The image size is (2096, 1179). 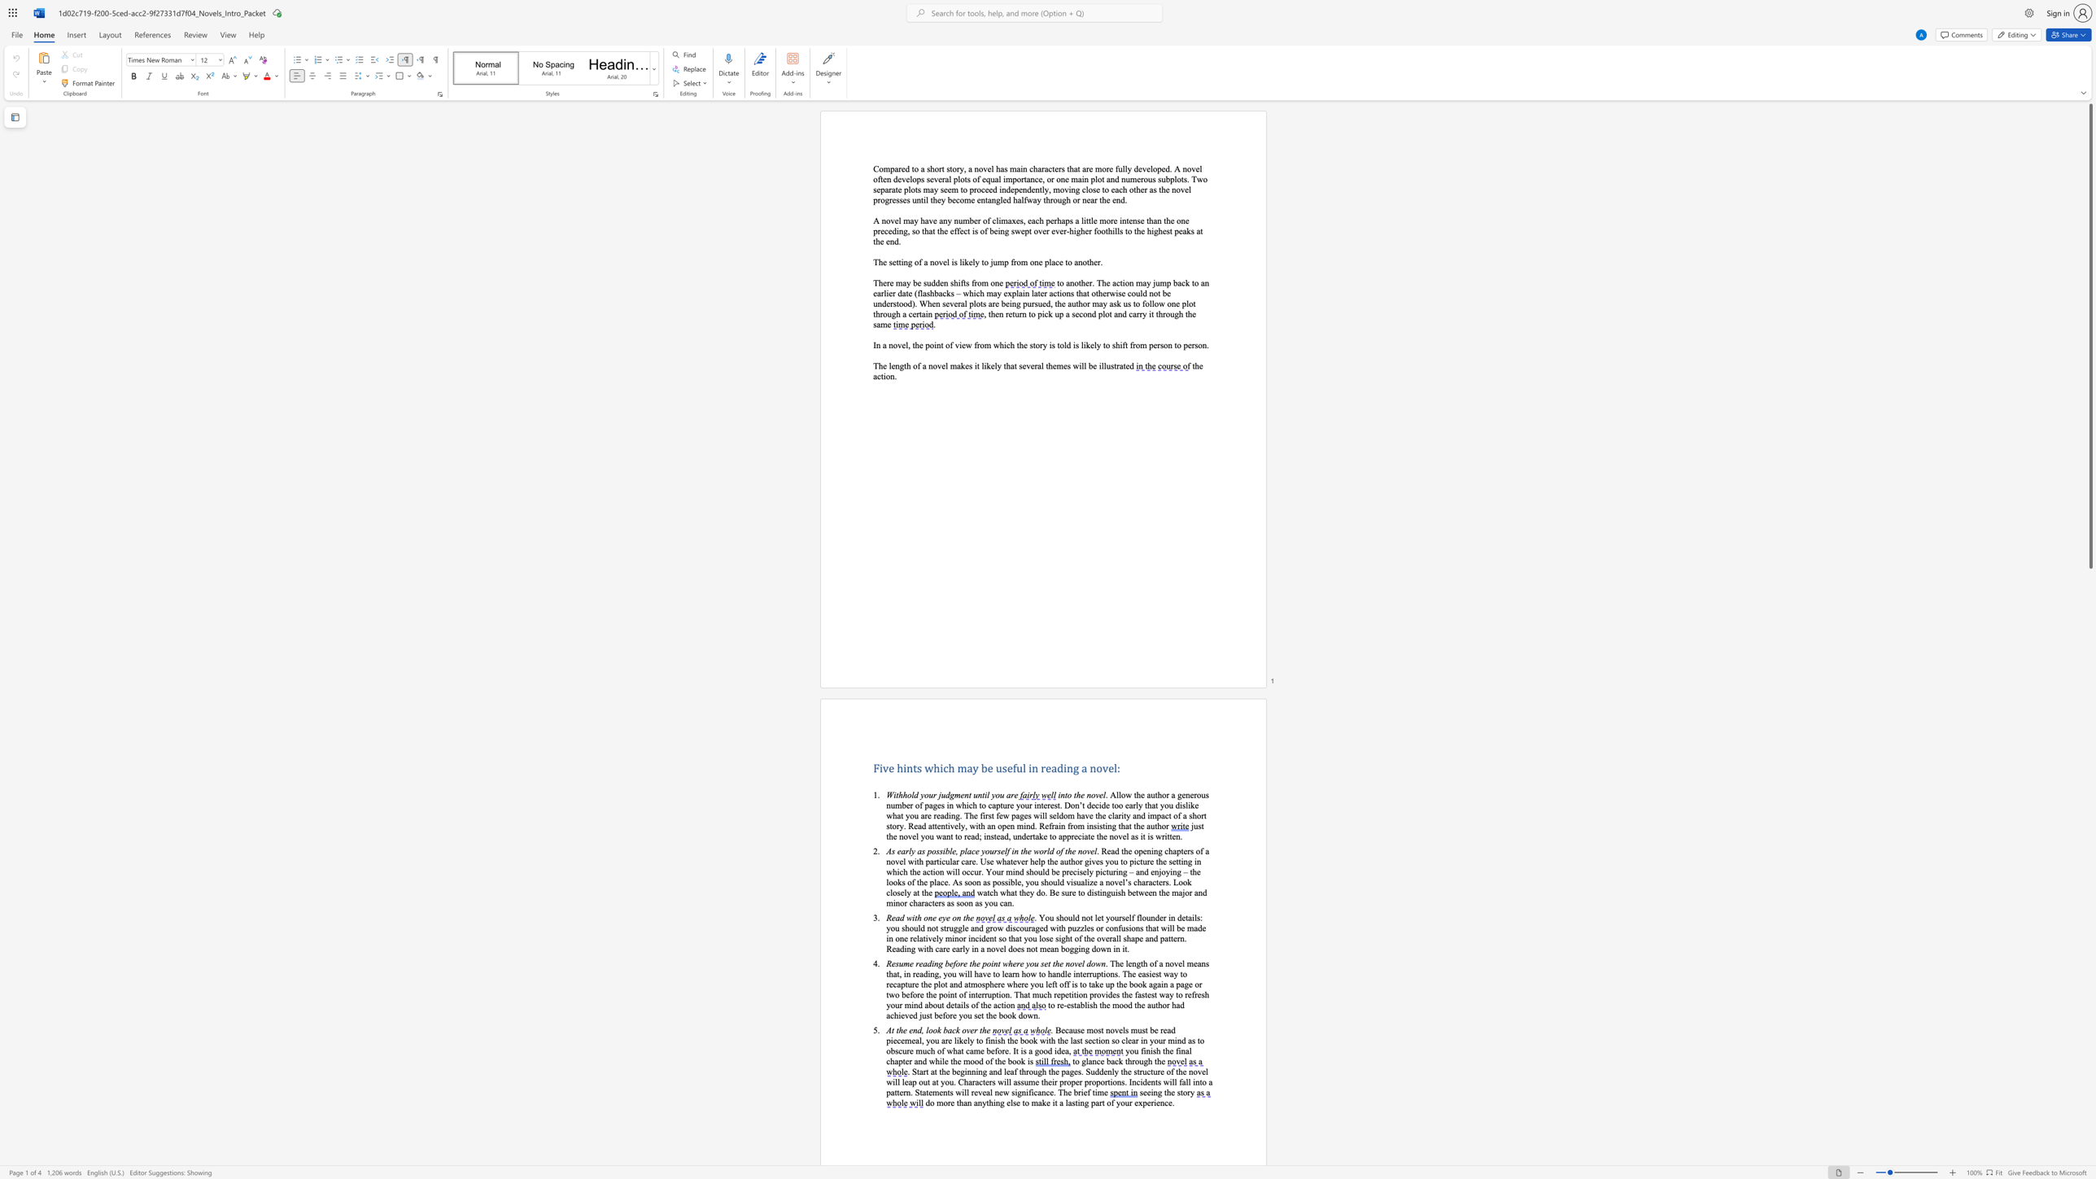 I want to click on the 2th character "n" in the text, so click(x=1089, y=795).